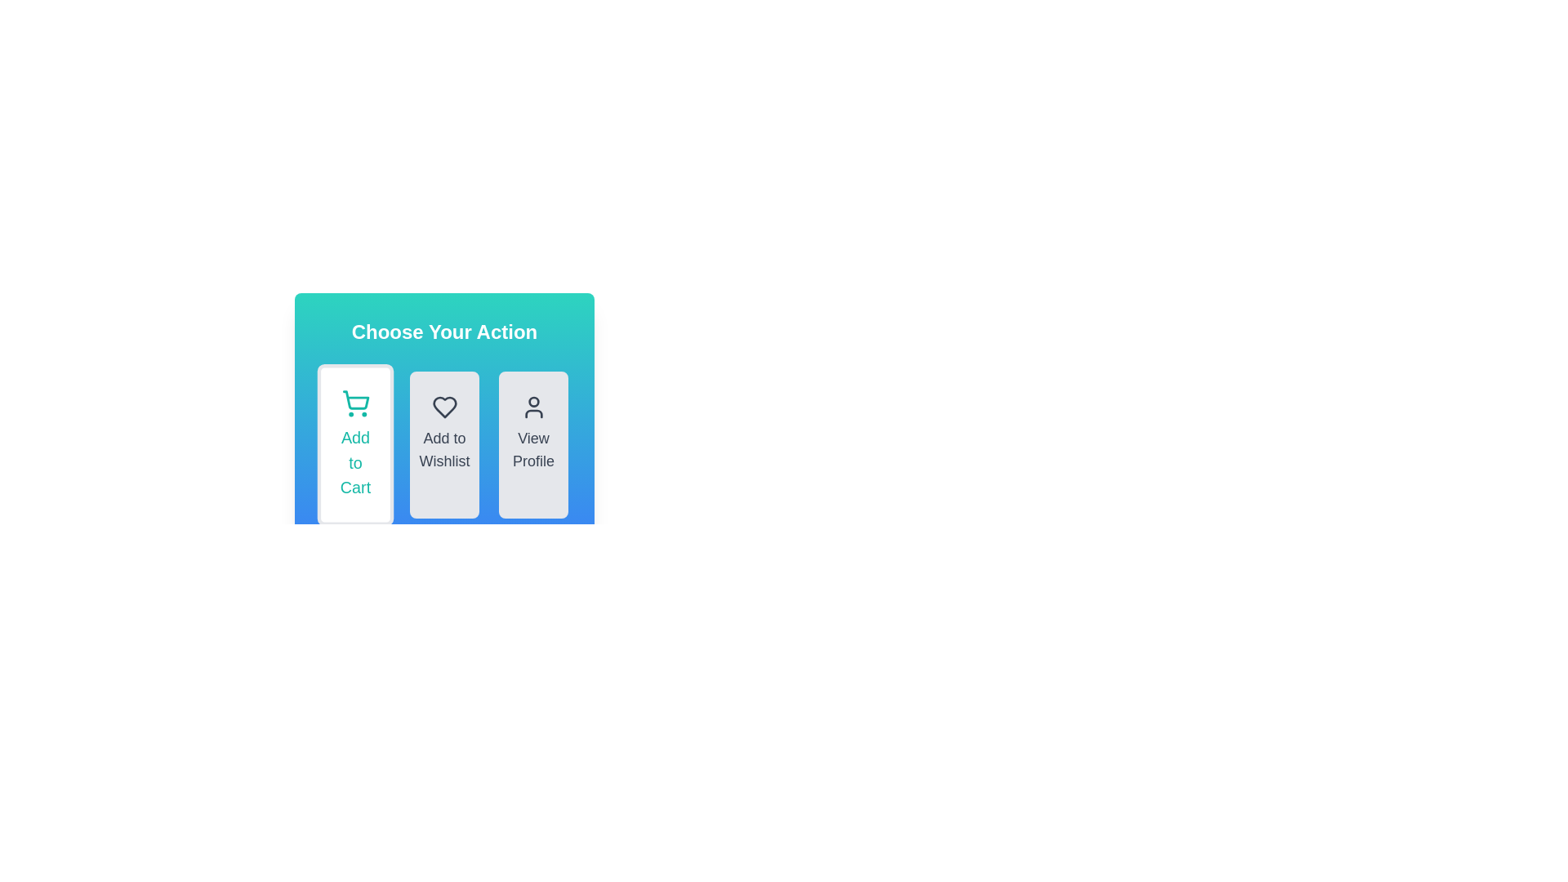 The height and width of the screenshot is (882, 1568). I want to click on the 'Add to Cart' icon, which is the top visual element within the 'Add to Cart' button group, located to the left of the 'Add to Wishlist' button, so click(354, 403).